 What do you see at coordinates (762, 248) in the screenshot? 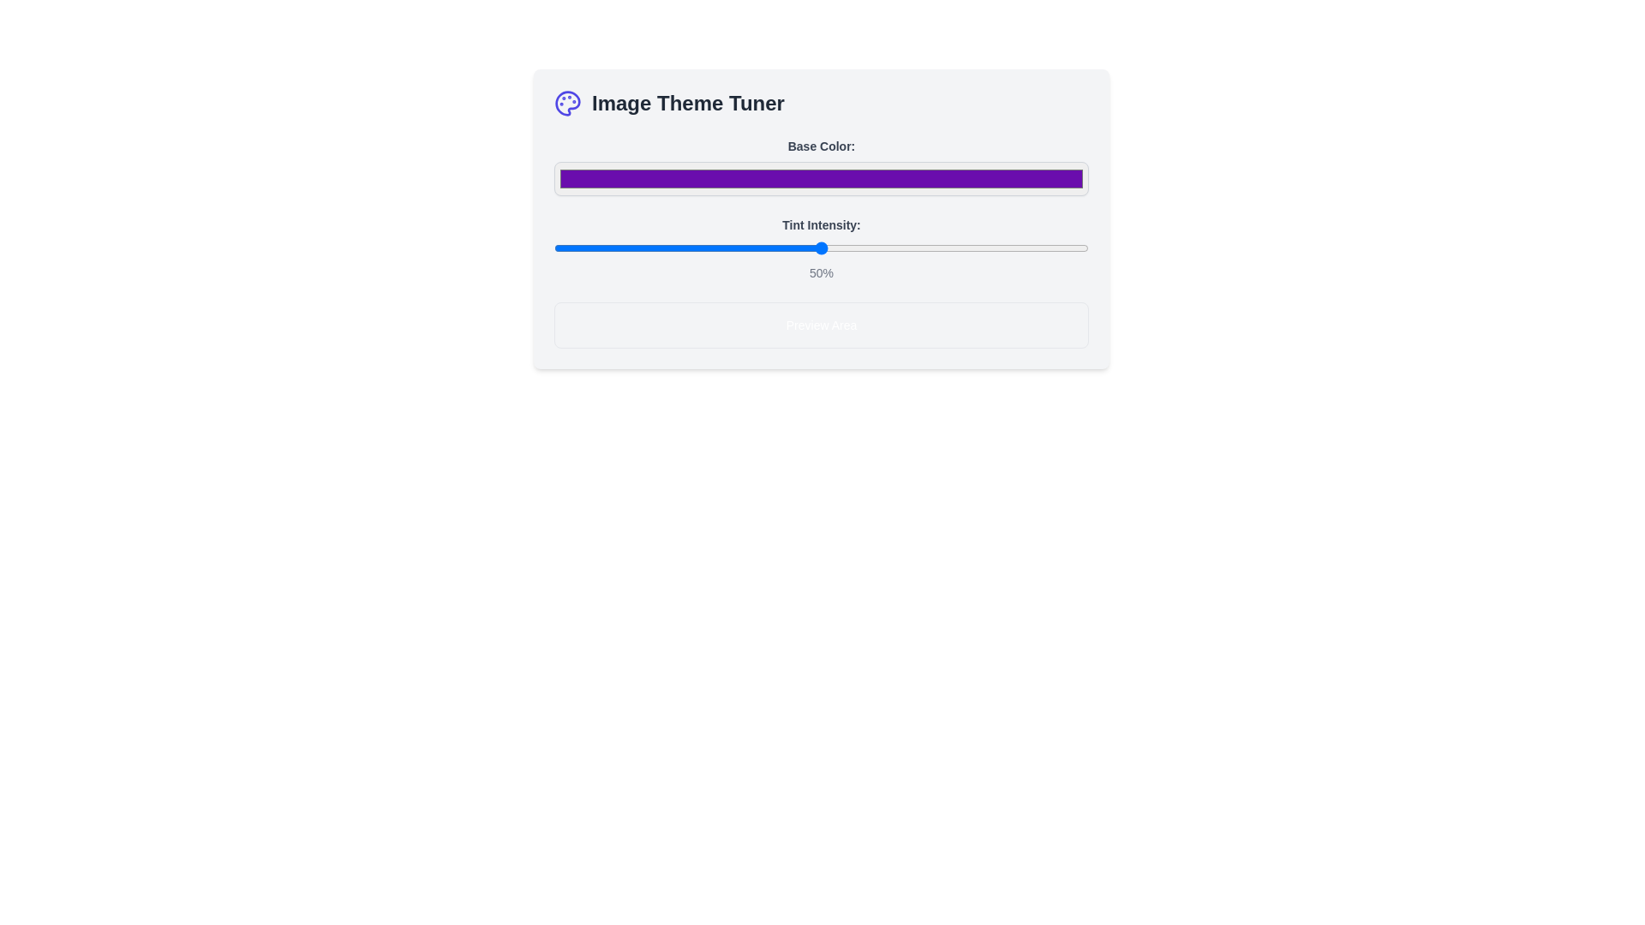
I see `the Tint Intensity` at bounding box center [762, 248].